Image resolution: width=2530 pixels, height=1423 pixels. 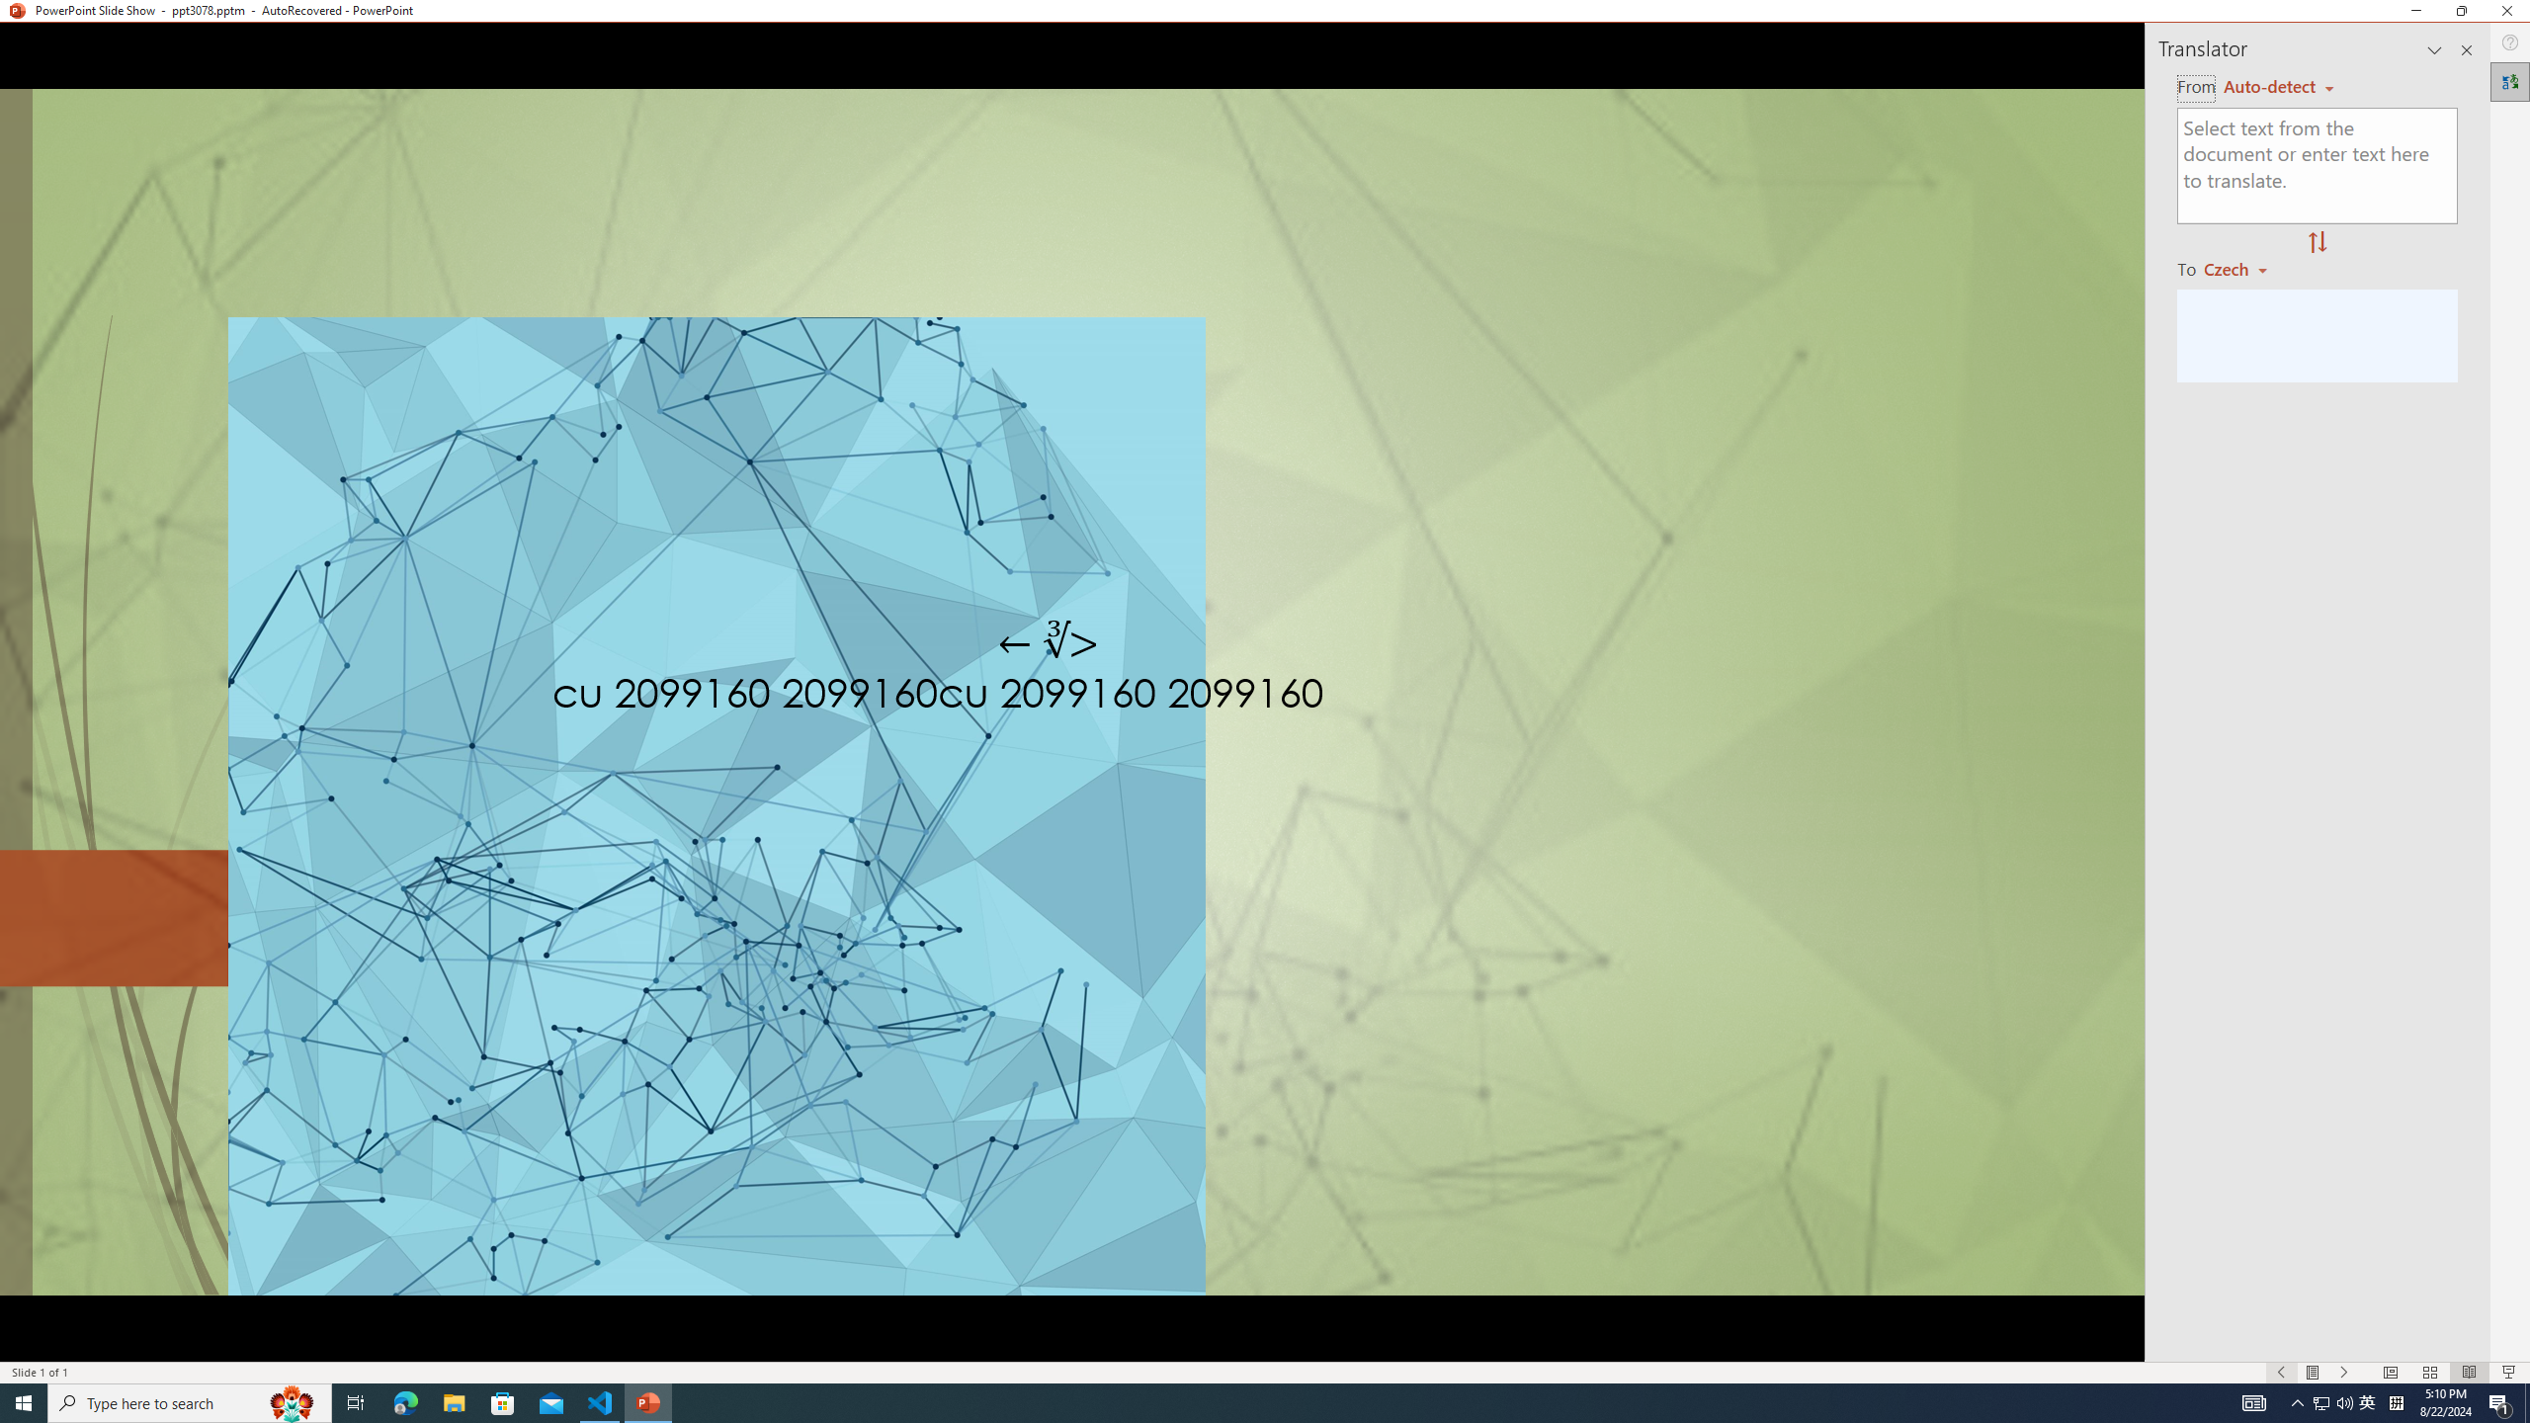 I want to click on 'Slide Show Previous On', so click(x=2281, y=1373).